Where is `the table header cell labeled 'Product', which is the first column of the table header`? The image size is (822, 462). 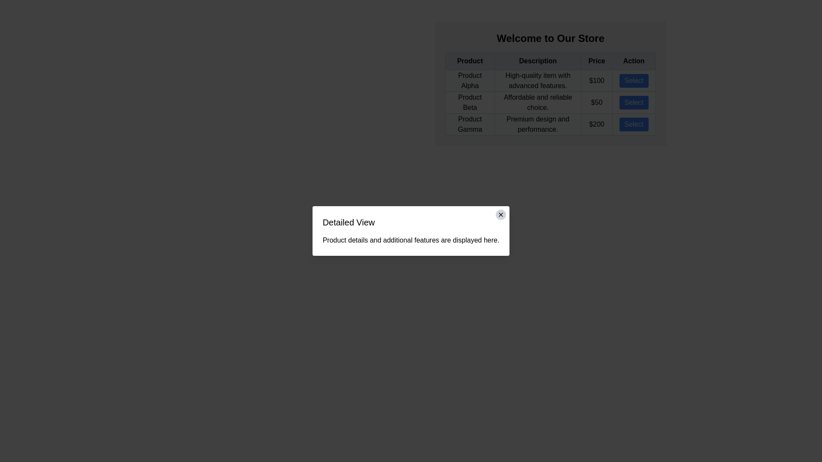 the table header cell labeled 'Product', which is the first column of the table header is located at coordinates (469, 60).